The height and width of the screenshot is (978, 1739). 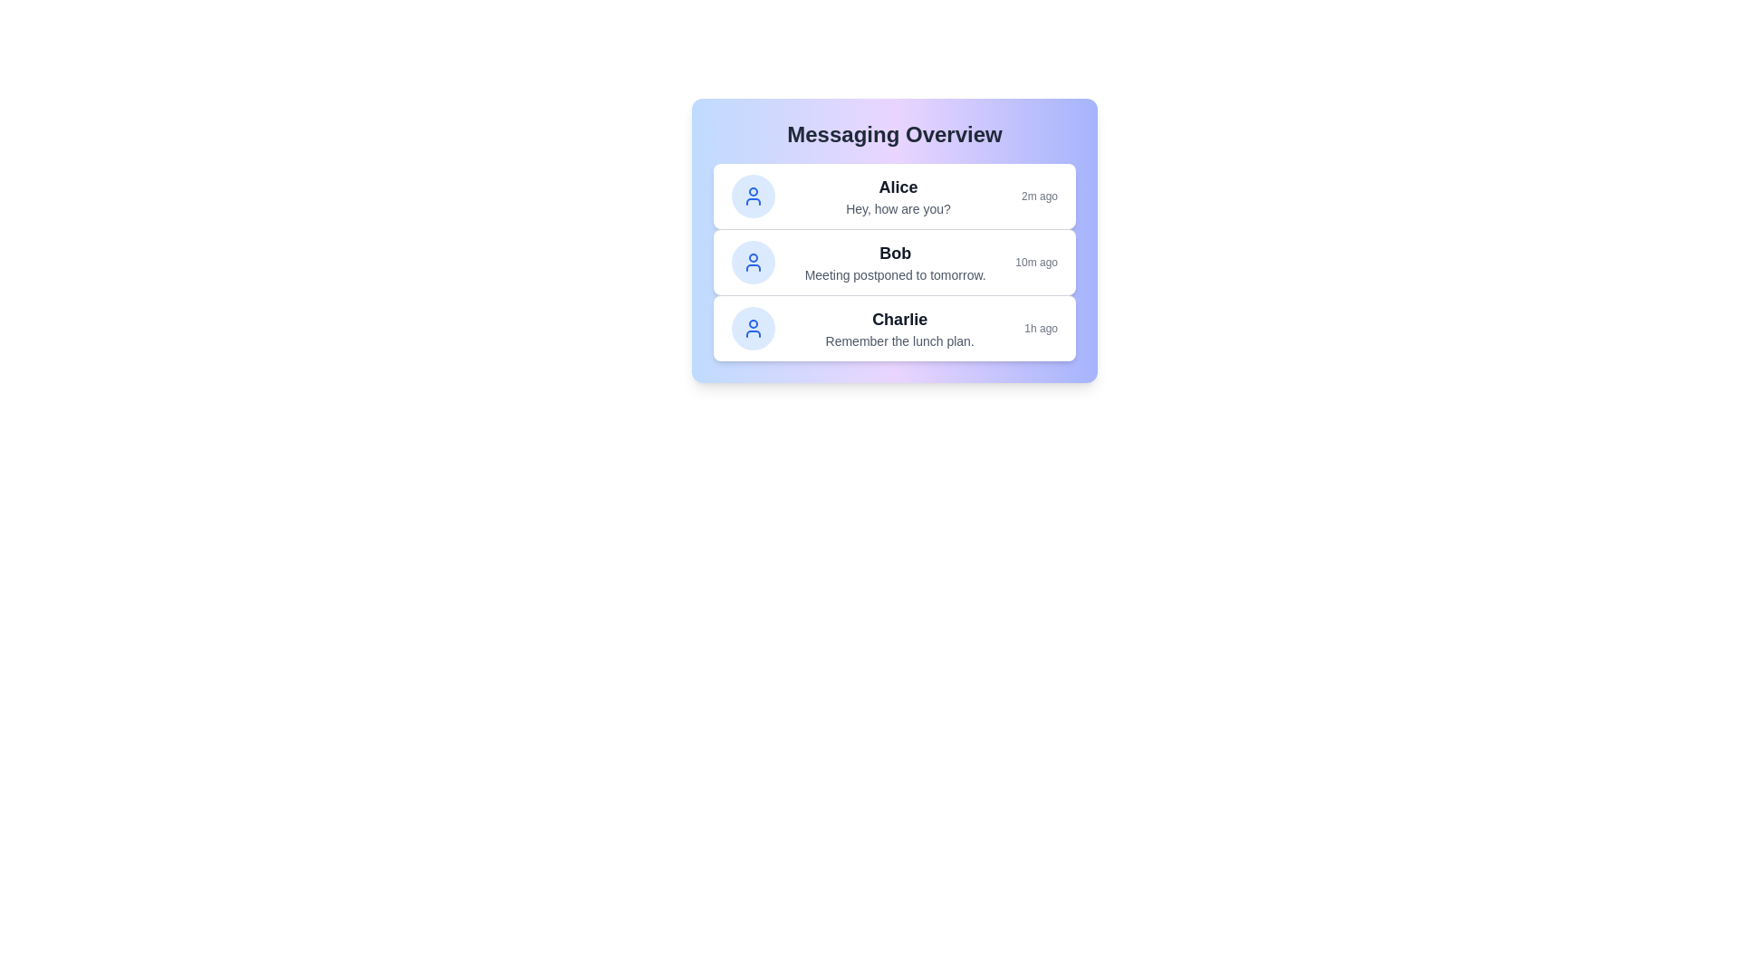 I want to click on the message from Alice to view details, so click(x=895, y=196).